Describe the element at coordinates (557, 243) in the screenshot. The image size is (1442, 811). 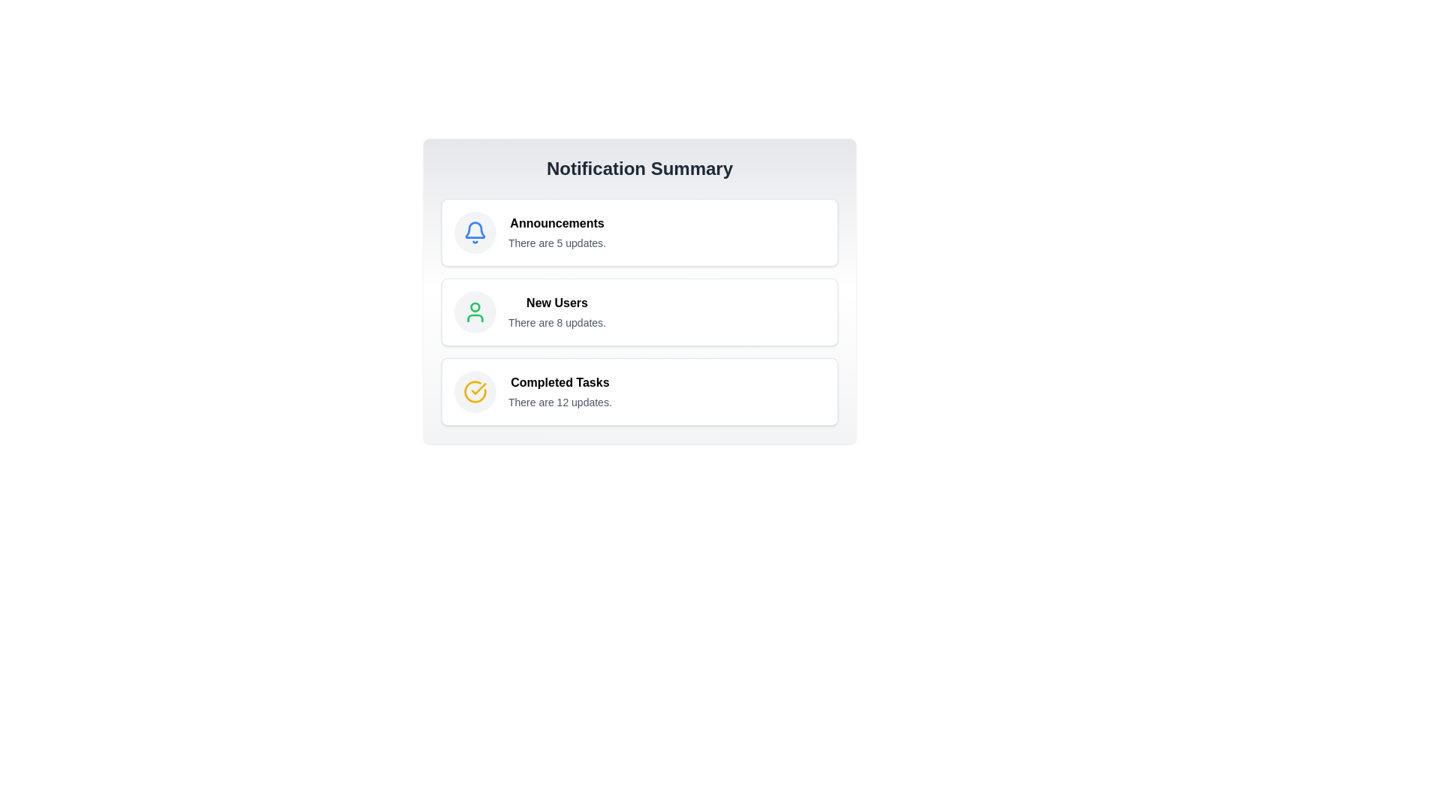
I see `the text label that reads 'There are 5 updates.' located below the 'Announcements' heading in the 'Notification Summary' layout` at that location.